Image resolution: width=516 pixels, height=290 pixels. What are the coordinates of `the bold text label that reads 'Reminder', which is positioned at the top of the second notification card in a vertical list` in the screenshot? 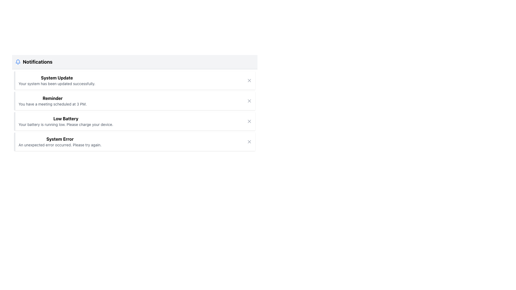 It's located at (52, 98).